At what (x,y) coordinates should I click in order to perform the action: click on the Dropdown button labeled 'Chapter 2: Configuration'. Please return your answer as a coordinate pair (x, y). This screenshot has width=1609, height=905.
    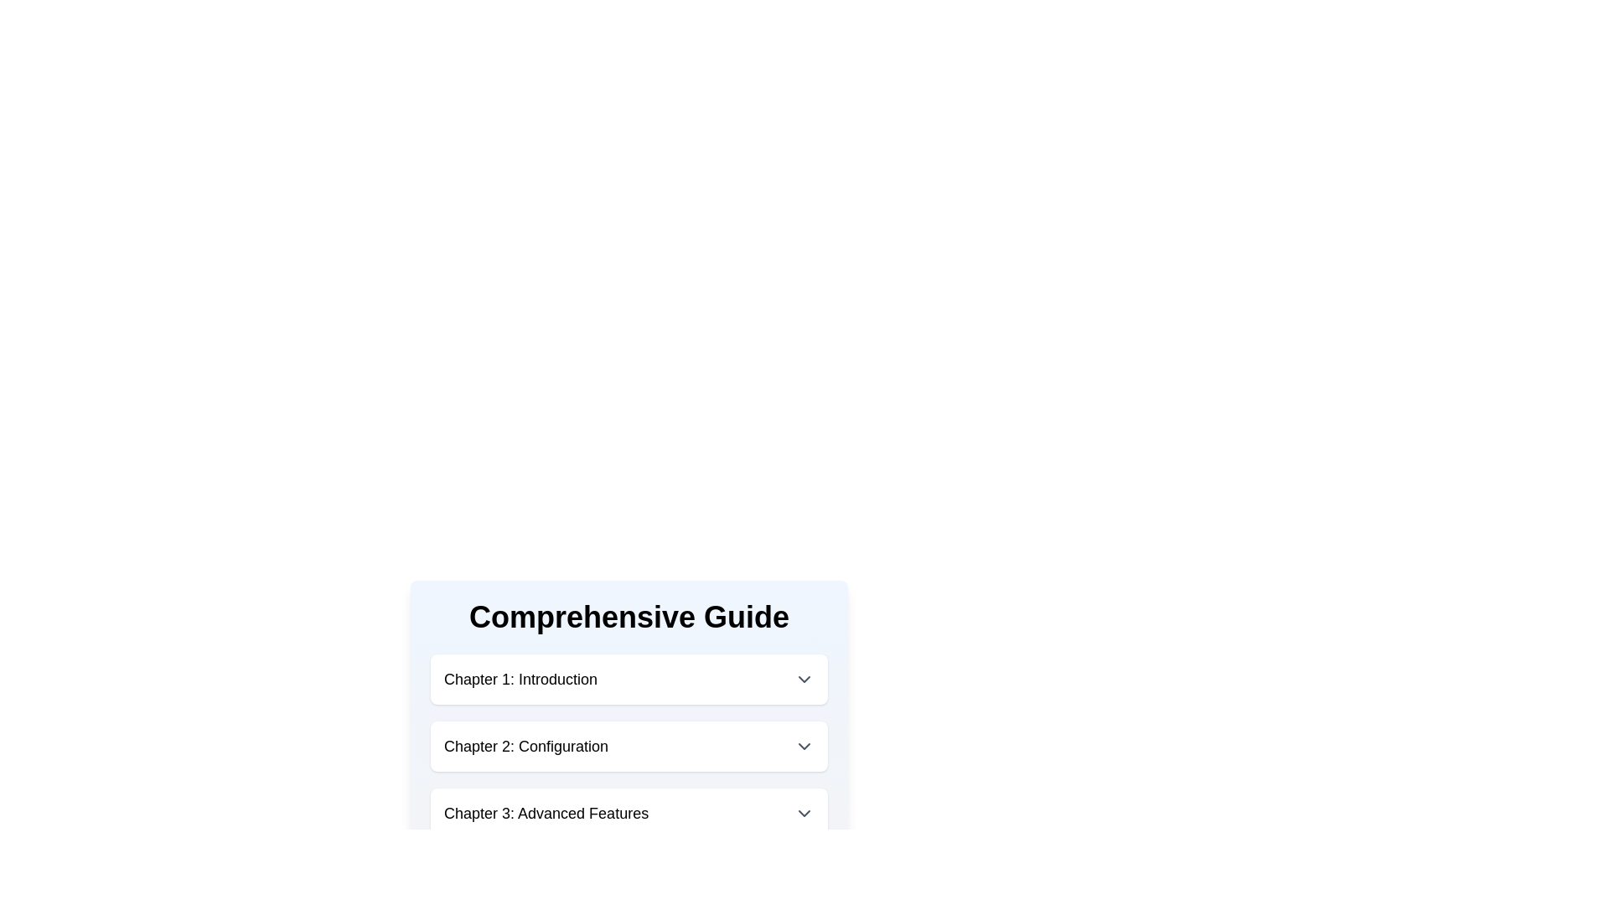
    Looking at the image, I should click on (628, 746).